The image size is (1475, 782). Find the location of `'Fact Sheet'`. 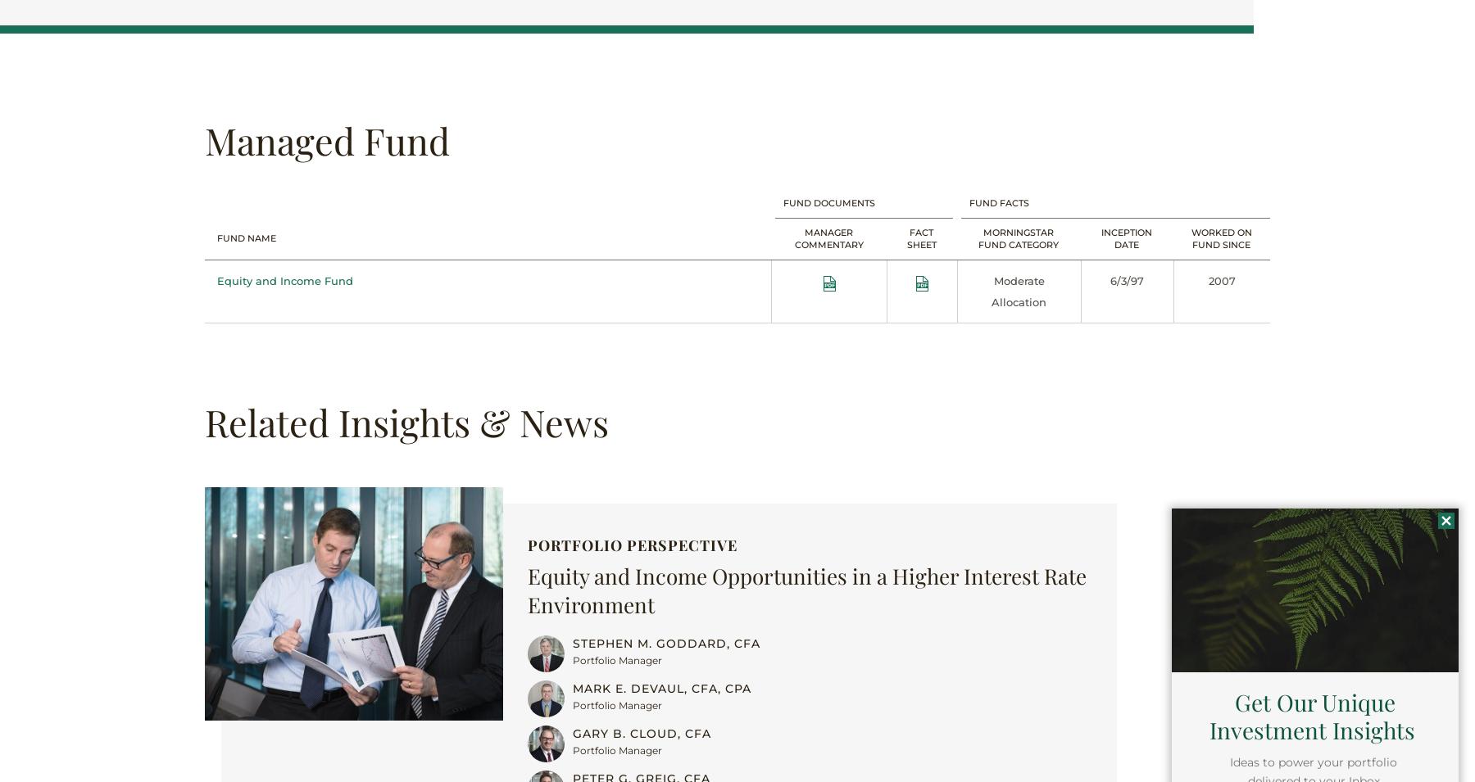

'Fact Sheet' is located at coordinates (920, 237).